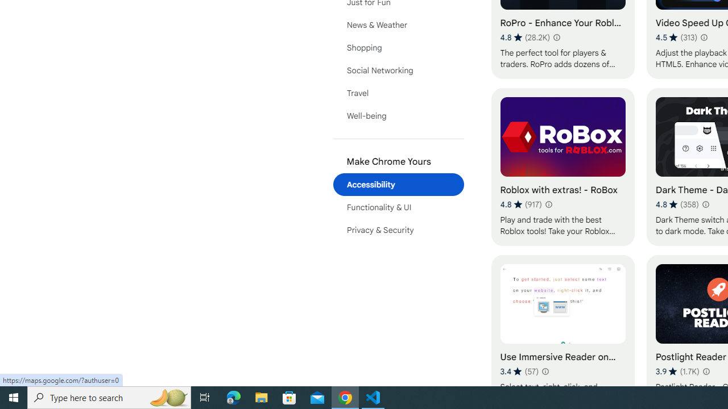 Image resolution: width=728 pixels, height=409 pixels. I want to click on 'Travel', so click(398, 93).